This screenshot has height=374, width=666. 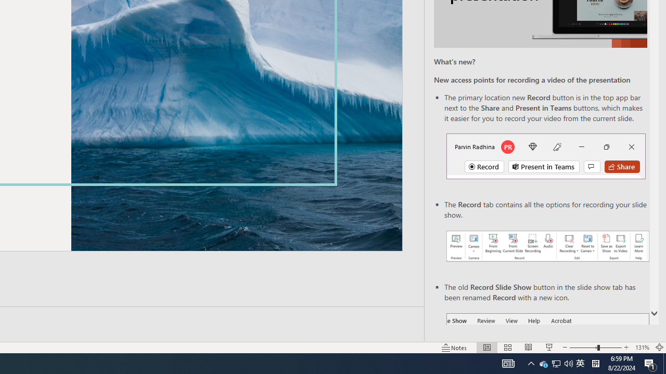 What do you see at coordinates (650, 363) in the screenshot?
I see `'Action Center, 1 new notification'` at bounding box center [650, 363].